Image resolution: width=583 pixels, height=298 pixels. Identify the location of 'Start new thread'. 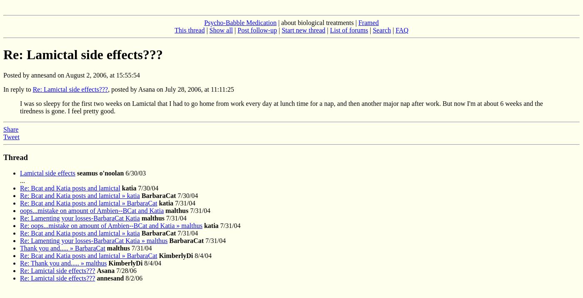
(303, 30).